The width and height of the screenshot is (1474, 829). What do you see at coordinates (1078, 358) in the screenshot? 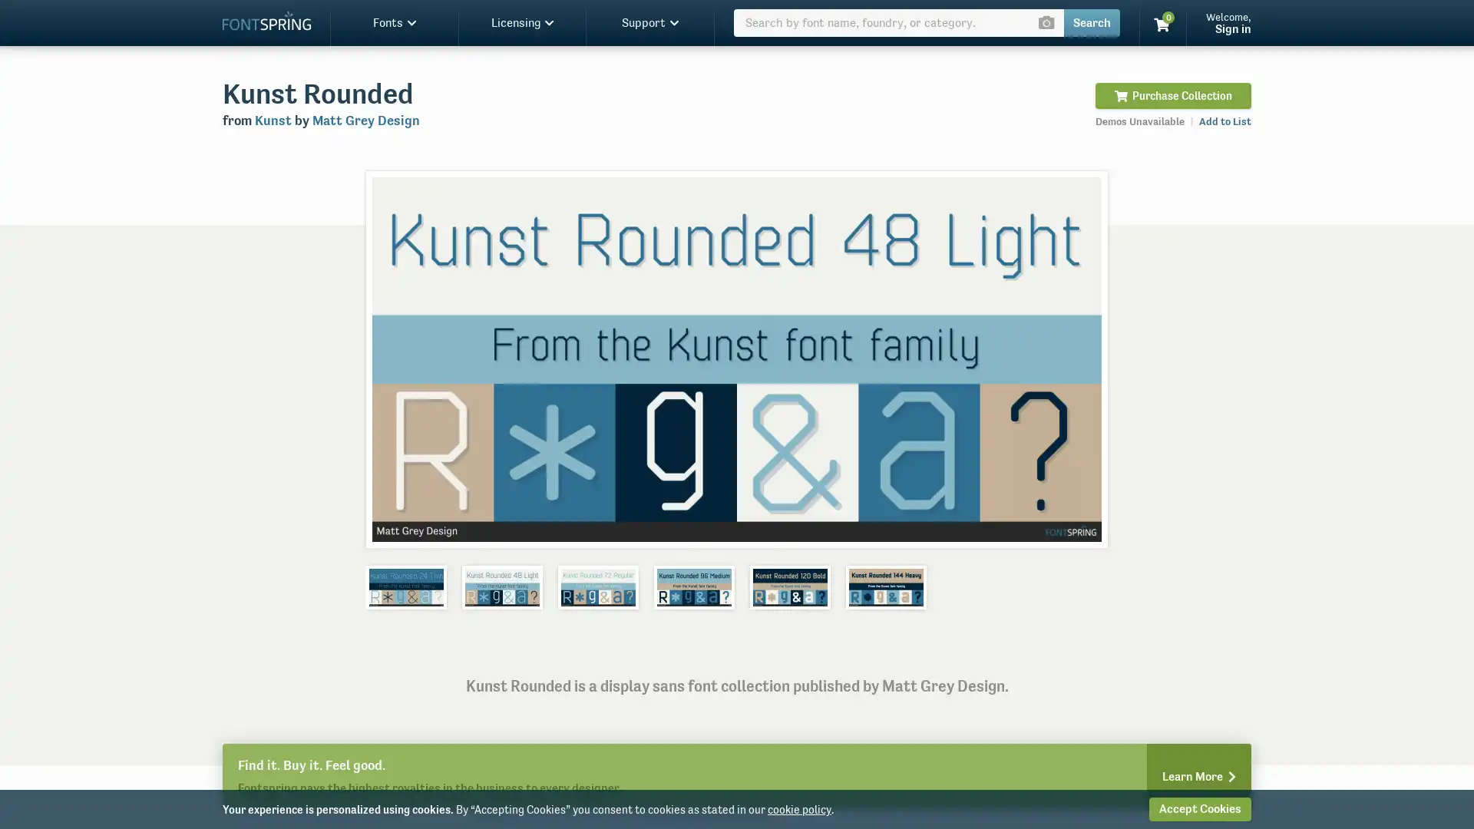
I see `Next slide` at bounding box center [1078, 358].